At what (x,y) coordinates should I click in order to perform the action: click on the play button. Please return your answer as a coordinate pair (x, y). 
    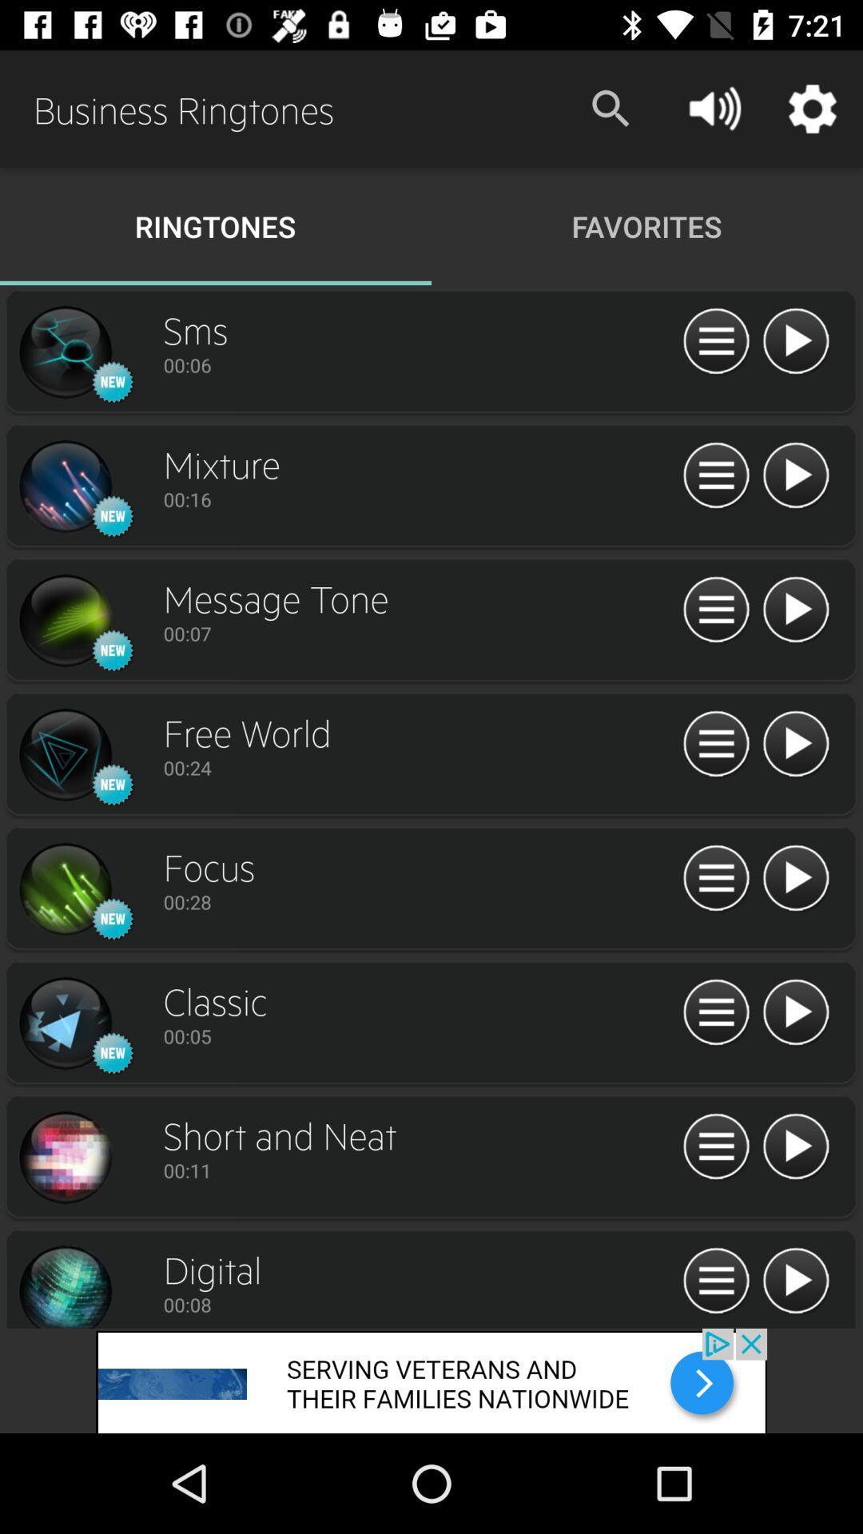
    Looking at the image, I should click on (795, 1147).